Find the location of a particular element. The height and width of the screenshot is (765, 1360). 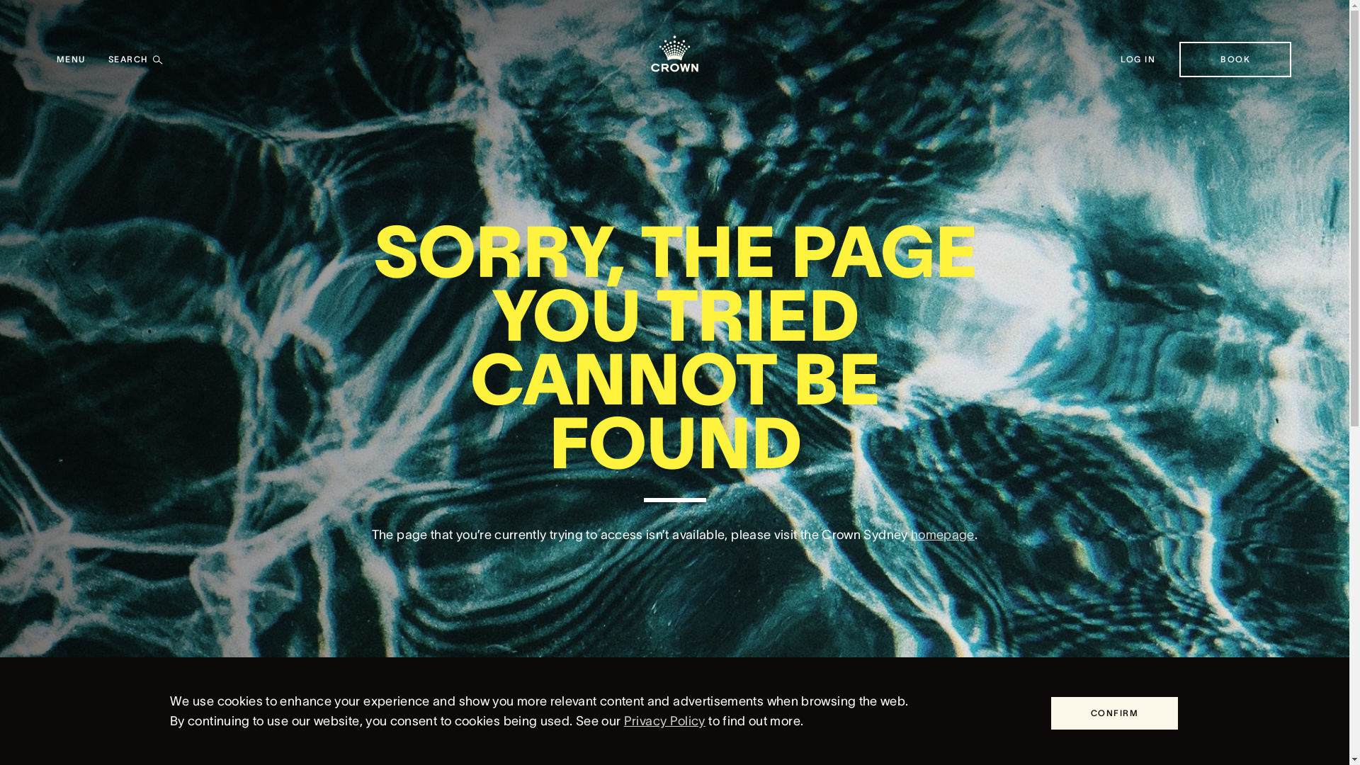

'LOG IN' is located at coordinates (1138, 59).